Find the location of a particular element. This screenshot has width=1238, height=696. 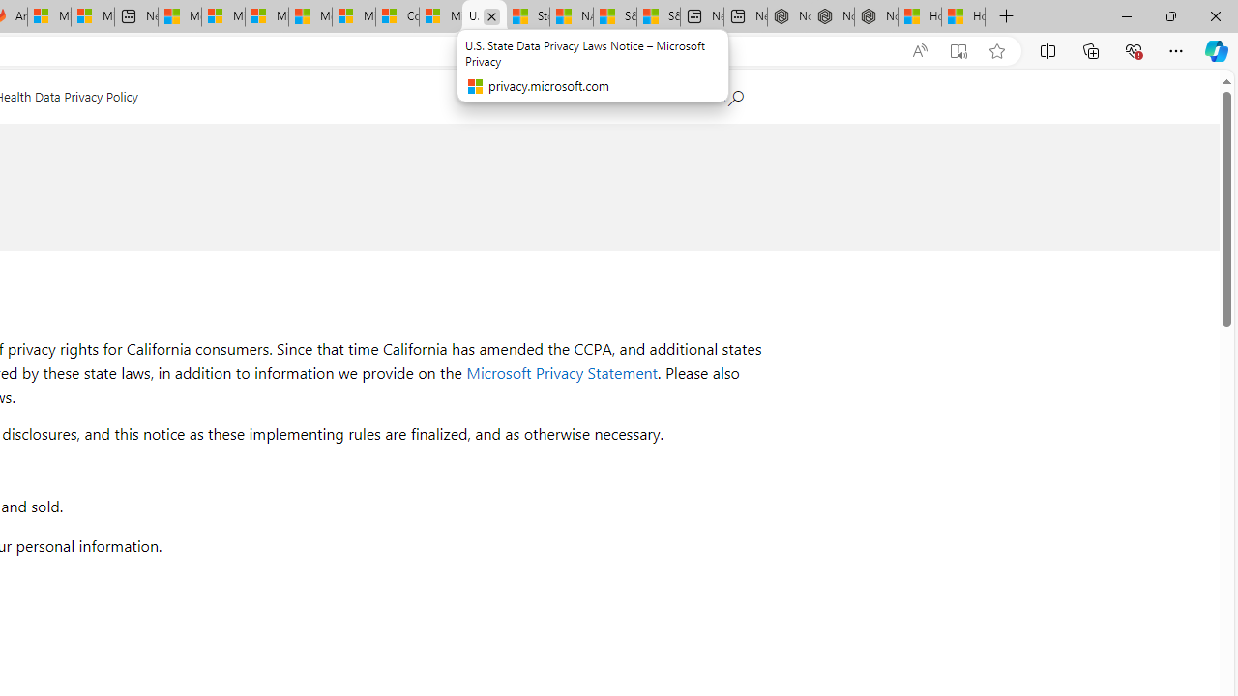

'Enter Immersive Reader (F9)' is located at coordinates (958, 50).